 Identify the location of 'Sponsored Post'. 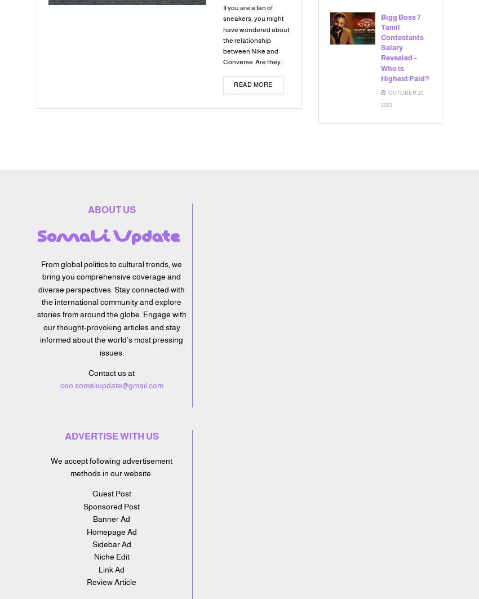
(110, 505).